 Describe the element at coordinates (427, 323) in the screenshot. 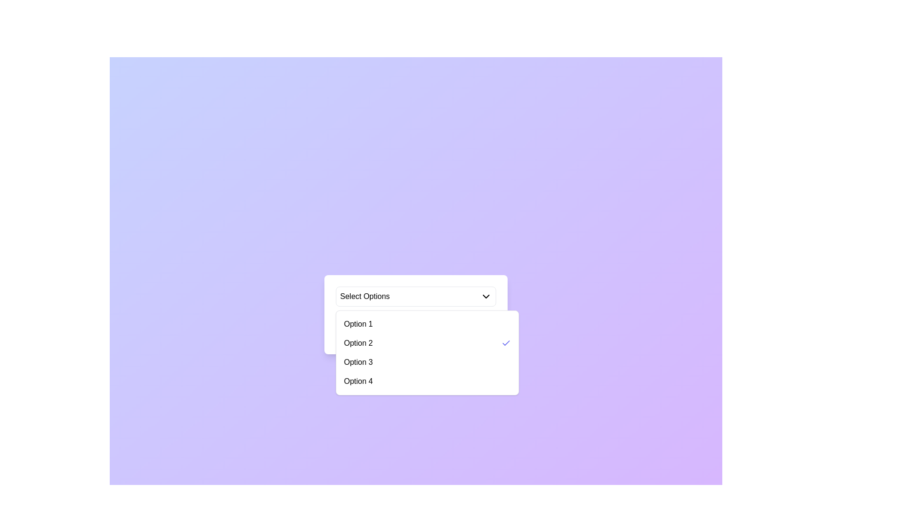

I see `the selectable menu item labeled 'Option 1'` at that location.